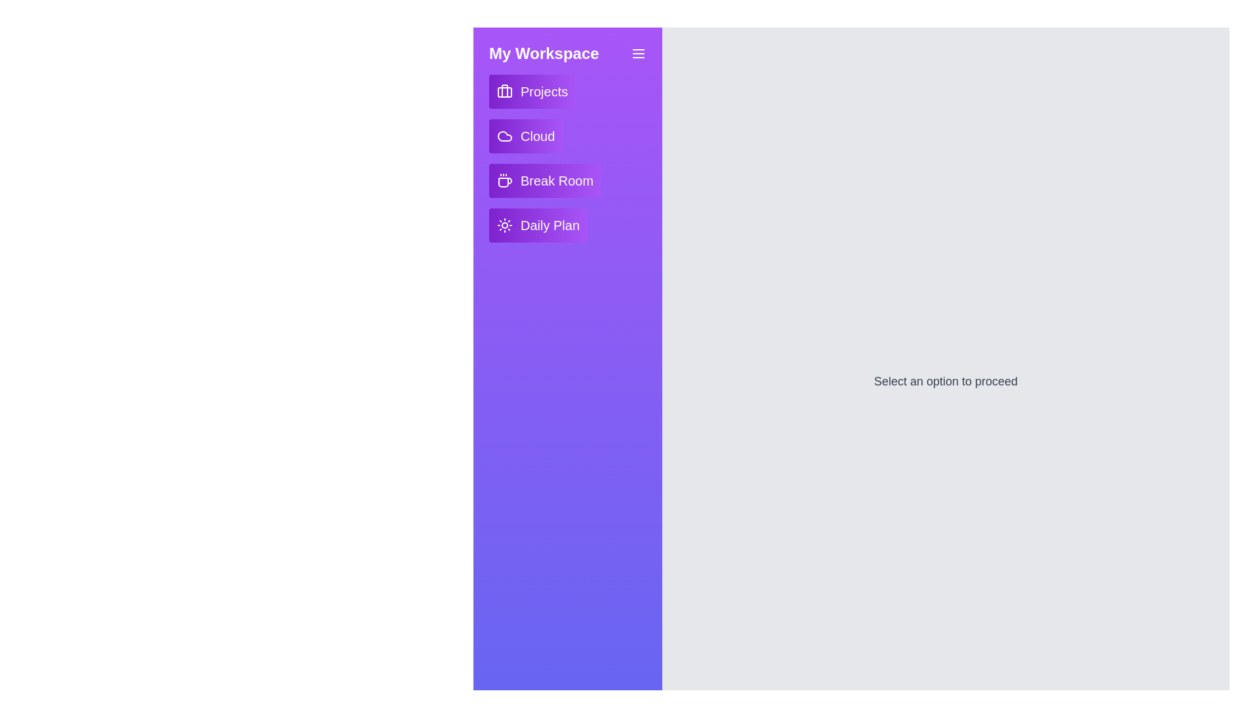 This screenshot has width=1259, height=708. What do you see at coordinates (639, 52) in the screenshot?
I see `the toggle button at the top-right corner of the drawer to toggle its visibility` at bounding box center [639, 52].